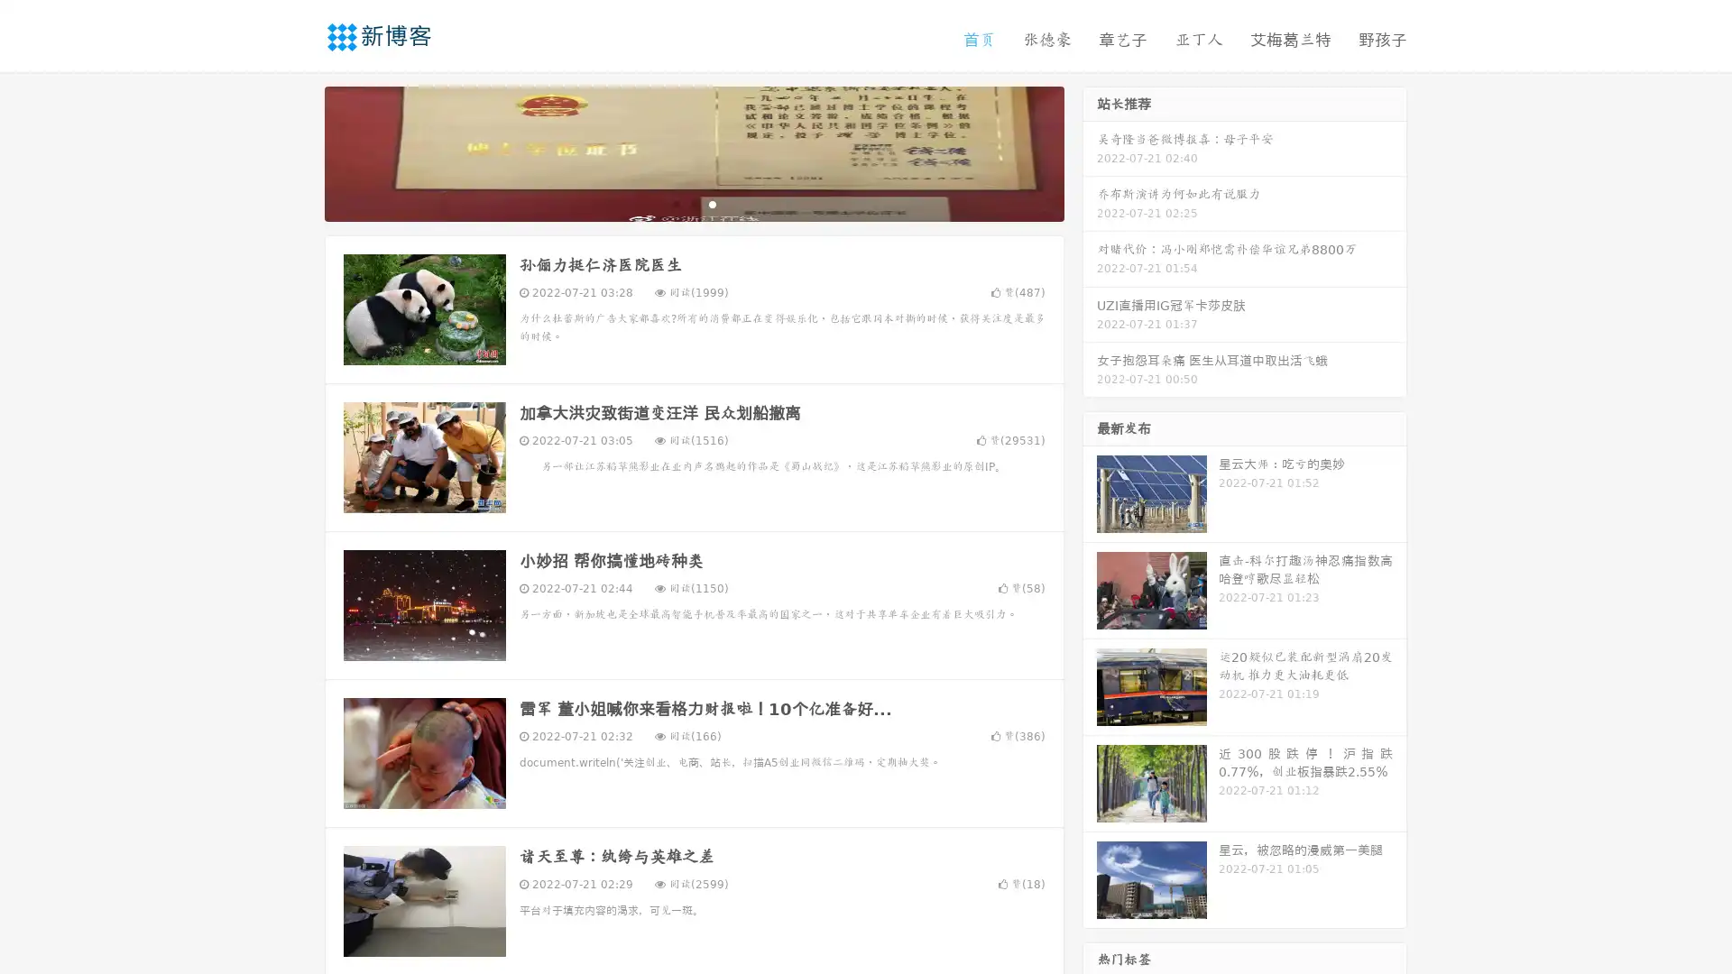  I want to click on Go to slide 2, so click(693, 203).